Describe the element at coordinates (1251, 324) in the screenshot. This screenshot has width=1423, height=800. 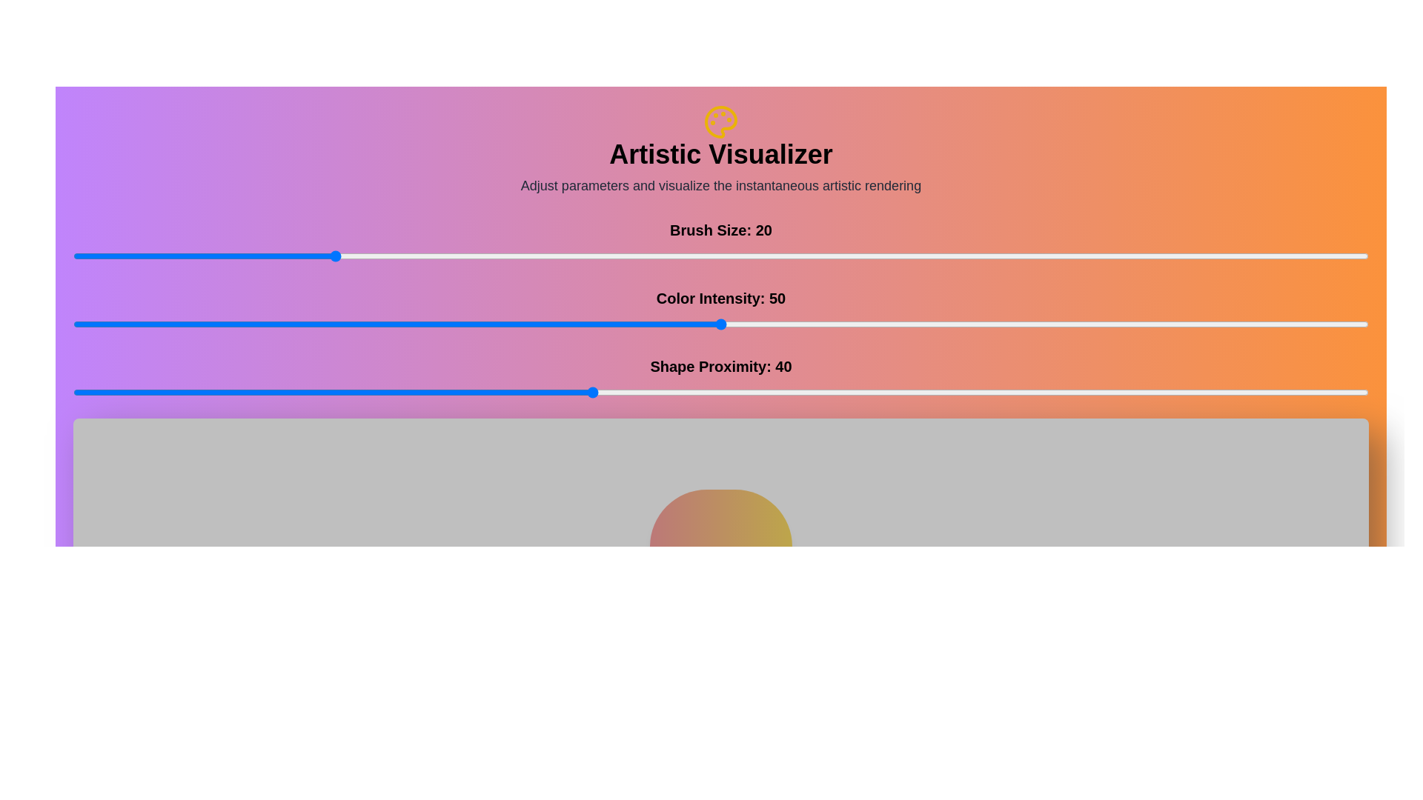
I see `the 'Color Intensity' slider to 91 value` at that location.